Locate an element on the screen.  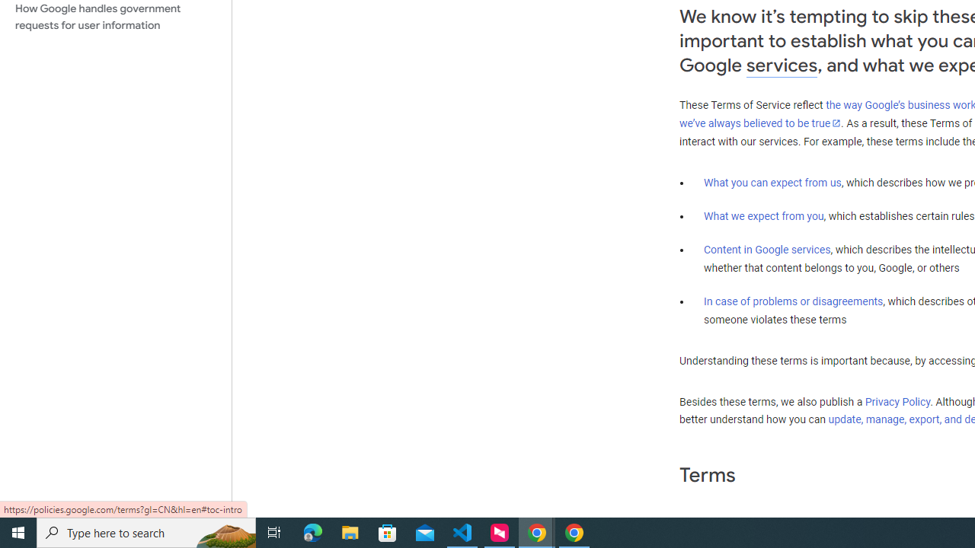
'Content in Google services' is located at coordinates (767, 248).